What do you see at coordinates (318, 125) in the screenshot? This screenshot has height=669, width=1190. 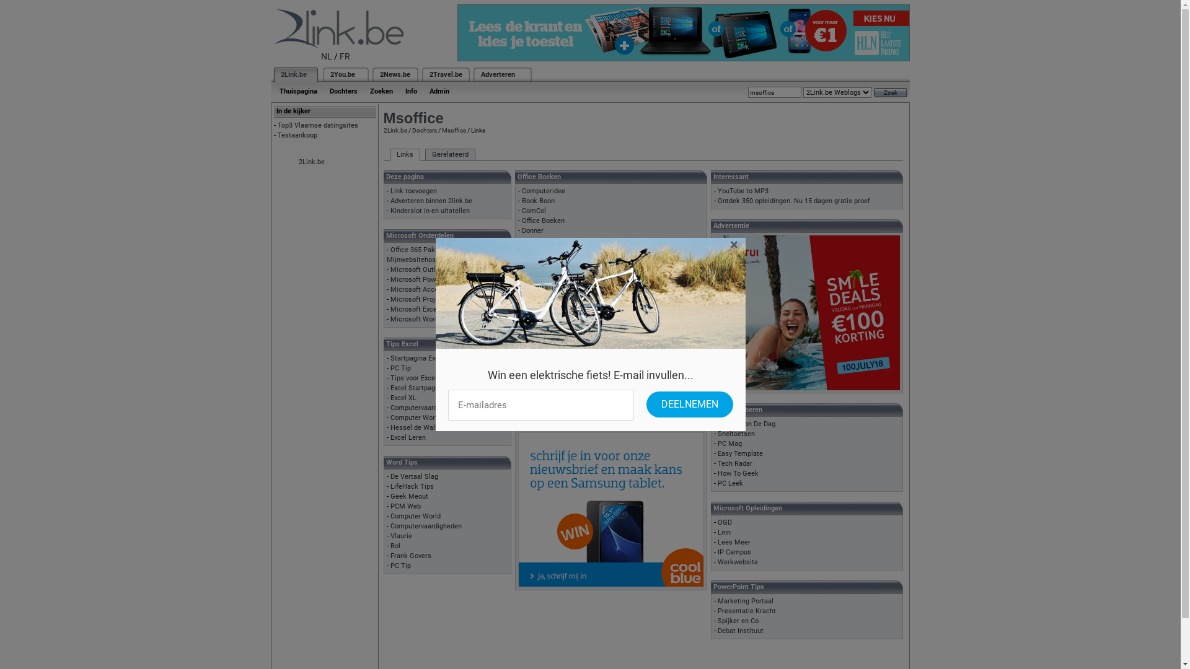 I see `'Top3 Vlaamse datingsites'` at bounding box center [318, 125].